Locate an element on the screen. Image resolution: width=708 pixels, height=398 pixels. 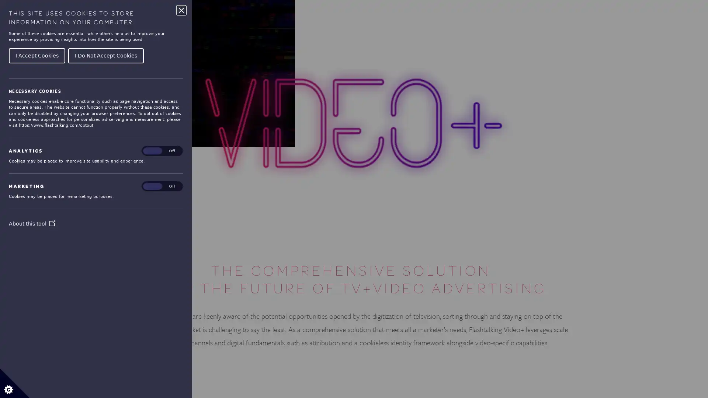
I Accept Cookies is located at coordinates (37, 55).